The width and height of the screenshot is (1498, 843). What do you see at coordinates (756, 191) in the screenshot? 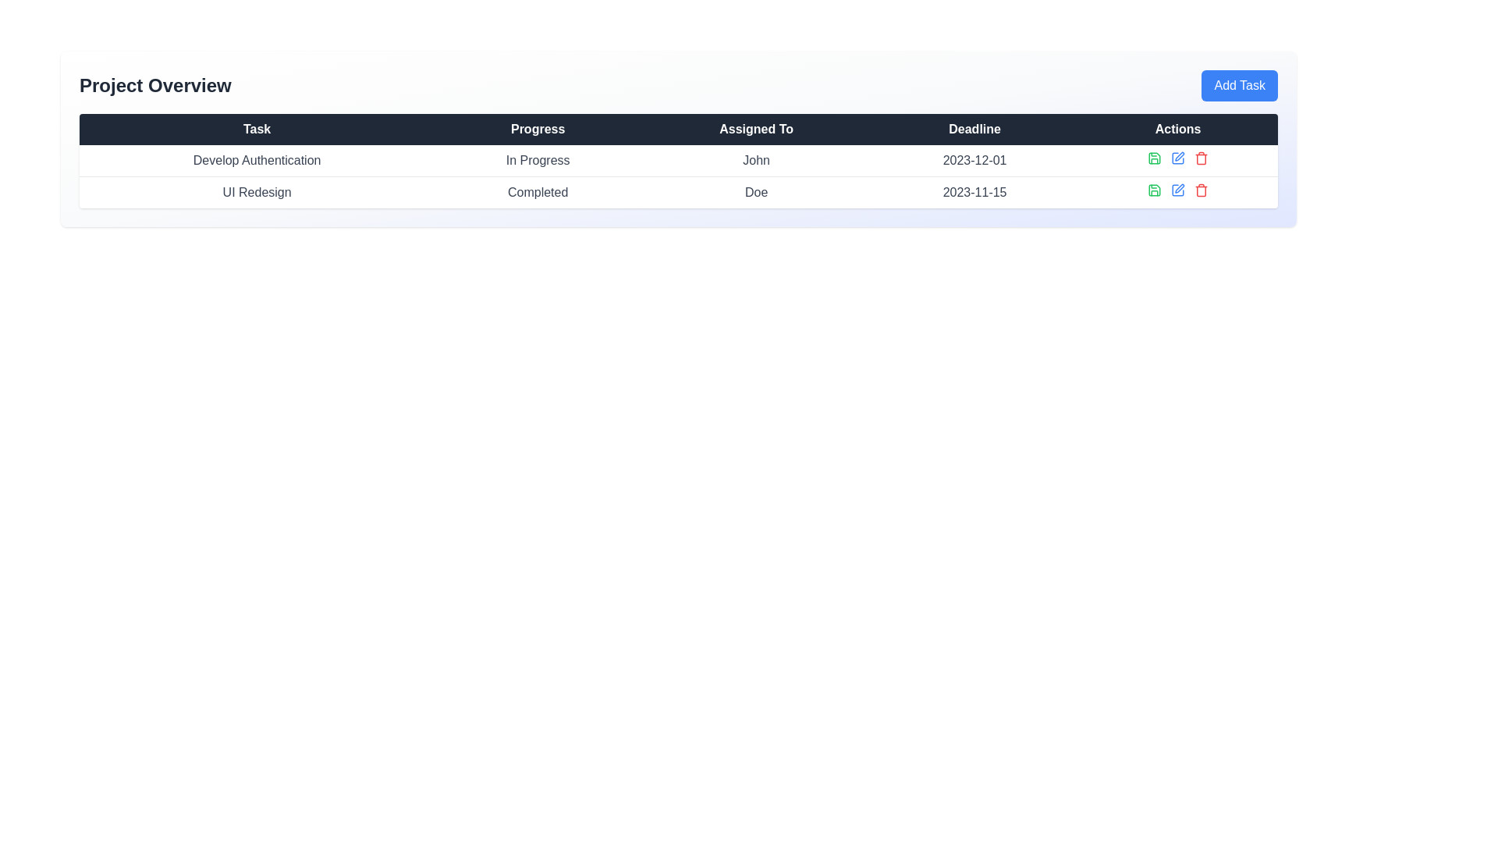
I see `the static text label displaying 'Doe' in the 'Assigned To' column under the 'UI Redesign' row` at bounding box center [756, 191].